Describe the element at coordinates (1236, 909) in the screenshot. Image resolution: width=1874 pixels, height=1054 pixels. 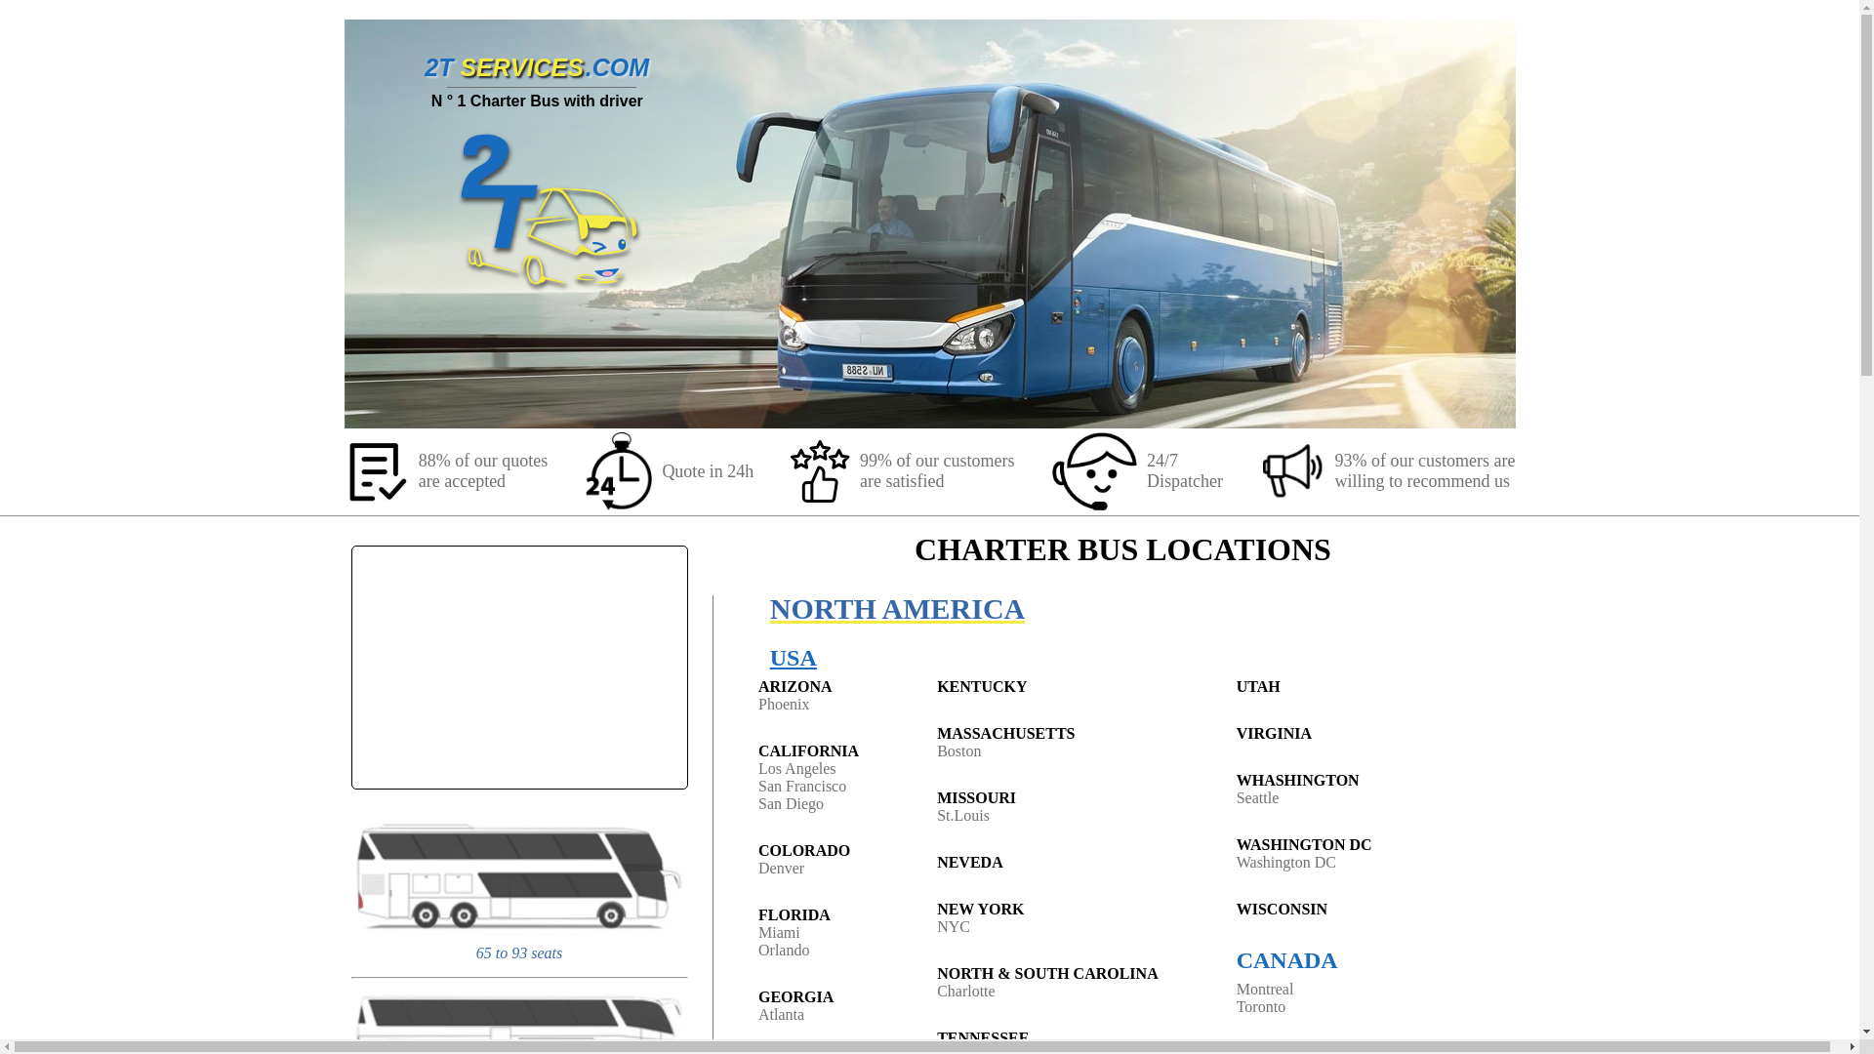
I see `'WISCONSIN'` at that location.